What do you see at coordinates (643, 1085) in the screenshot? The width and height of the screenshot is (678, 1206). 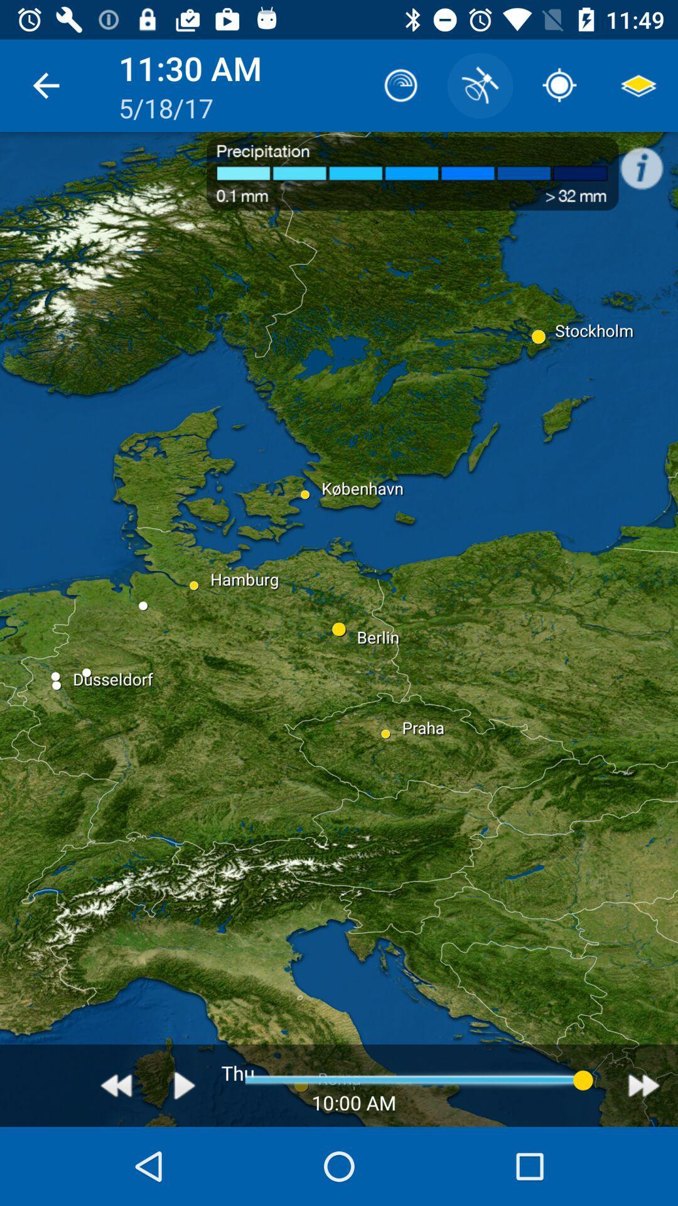 I see `fast forward` at bounding box center [643, 1085].